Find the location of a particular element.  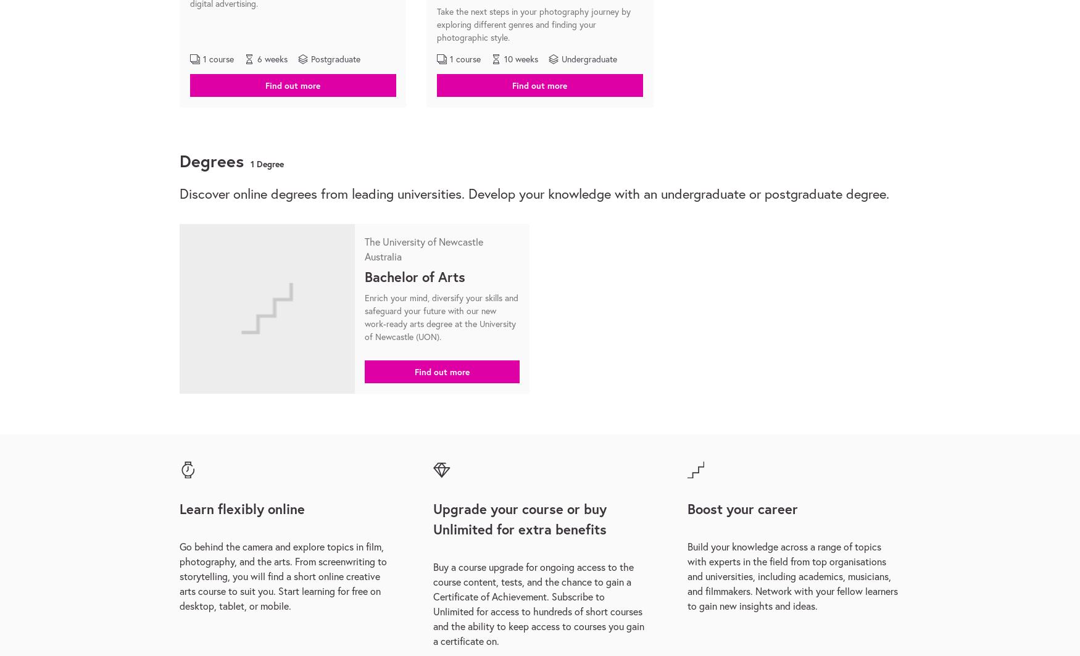

'Undergraduate' is located at coordinates (589, 59).